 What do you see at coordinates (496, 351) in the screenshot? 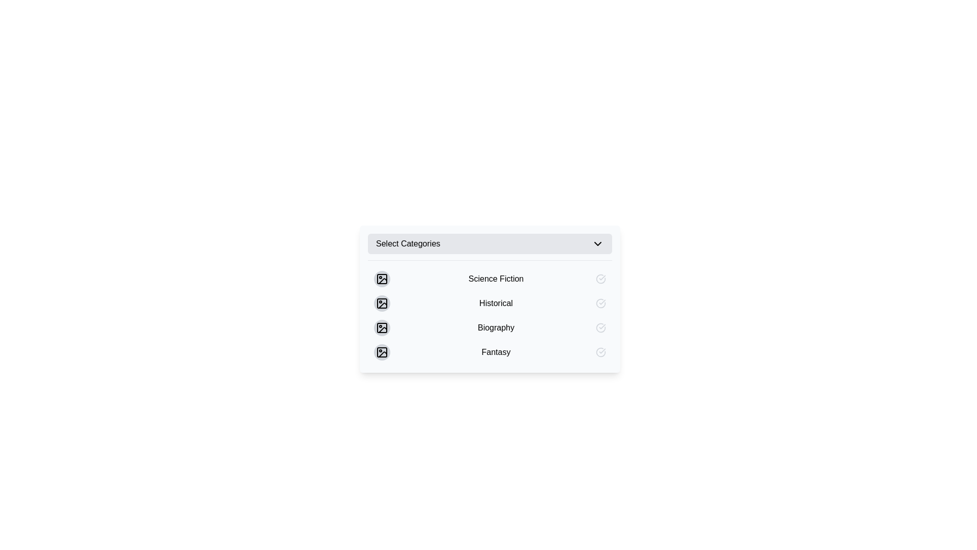
I see `the 'Fantasy' text label in the dropdown menu` at bounding box center [496, 351].